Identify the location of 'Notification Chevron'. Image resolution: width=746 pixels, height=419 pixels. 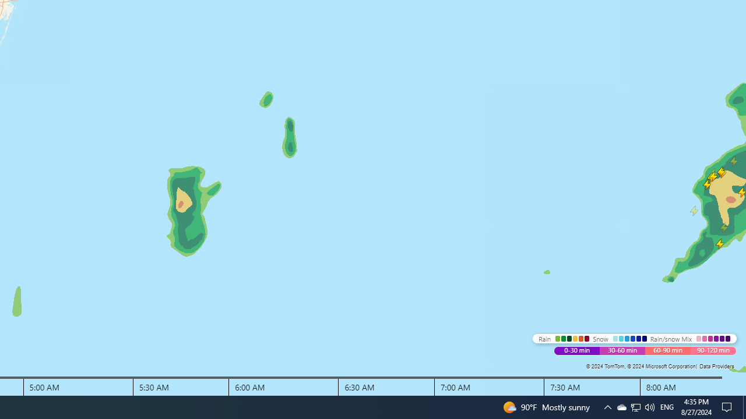
(607, 406).